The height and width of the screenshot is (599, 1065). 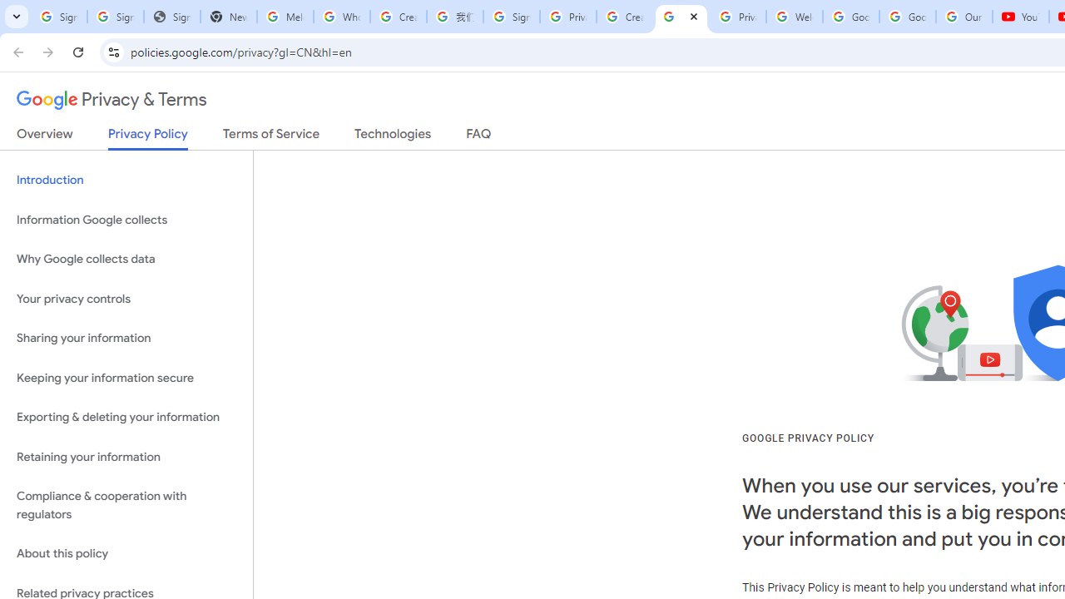 What do you see at coordinates (126, 378) in the screenshot?
I see `'Keeping your information secure'` at bounding box center [126, 378].